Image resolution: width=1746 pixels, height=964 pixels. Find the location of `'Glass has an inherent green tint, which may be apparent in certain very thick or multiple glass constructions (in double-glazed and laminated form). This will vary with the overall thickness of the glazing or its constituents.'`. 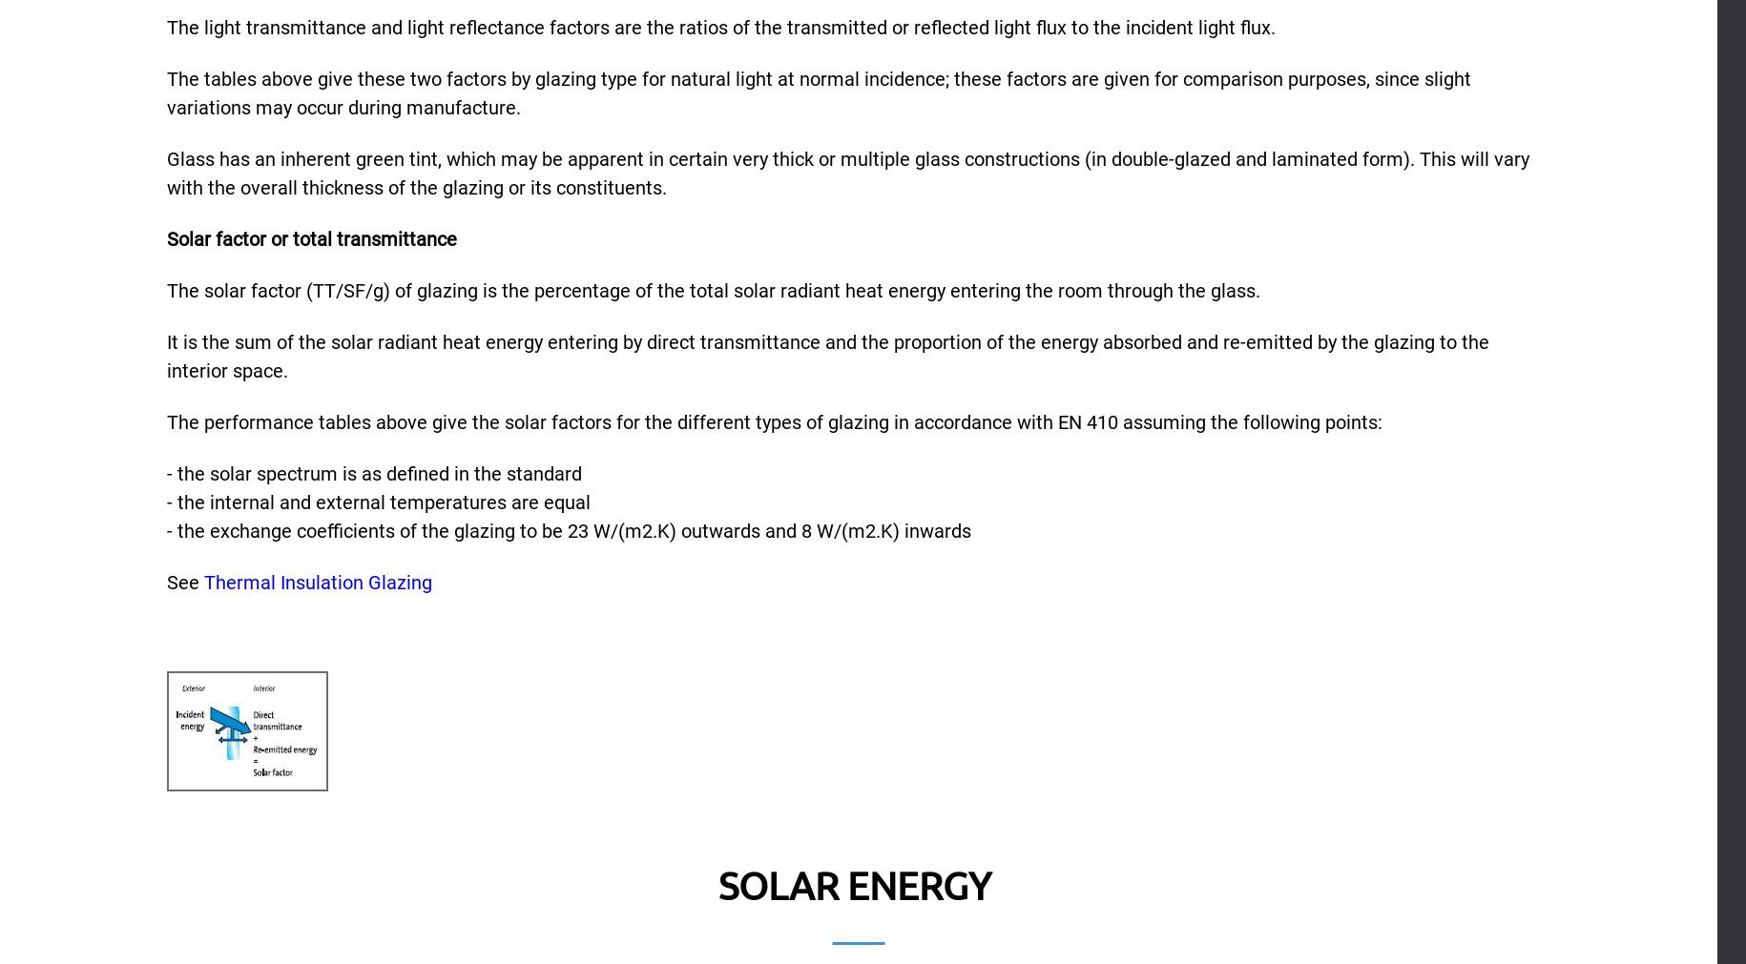

'Glass has an inherent green tint, which may be apparent in certain very thick or multiple glass constructions (in double-glazed and laminated form). This will vary with the overall thickness of the glazing or its constituents.' is located at coordinates (166, 172).